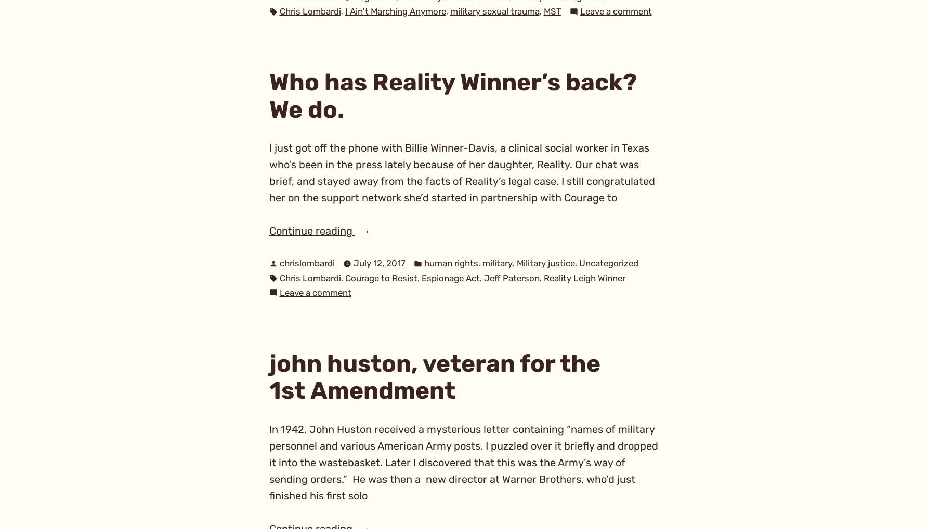  Describe the element at coordinates (311, 230) in the screenshot. I see `'Continue reading'` at that location.